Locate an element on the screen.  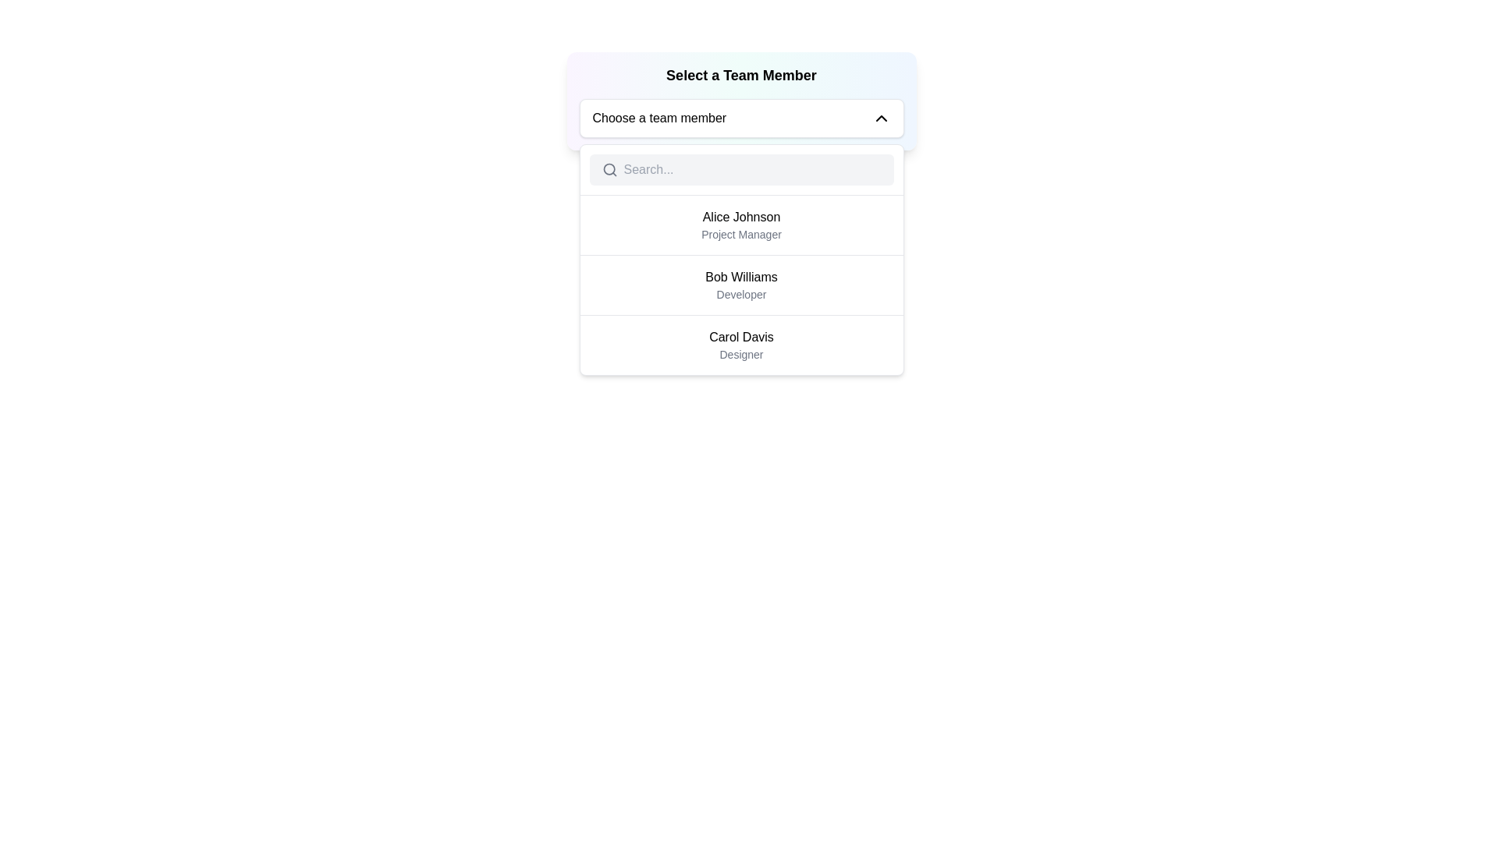
the input field of the Search box with a light gray background and rounded corners to focus on it is located at coordinates (740, 170).